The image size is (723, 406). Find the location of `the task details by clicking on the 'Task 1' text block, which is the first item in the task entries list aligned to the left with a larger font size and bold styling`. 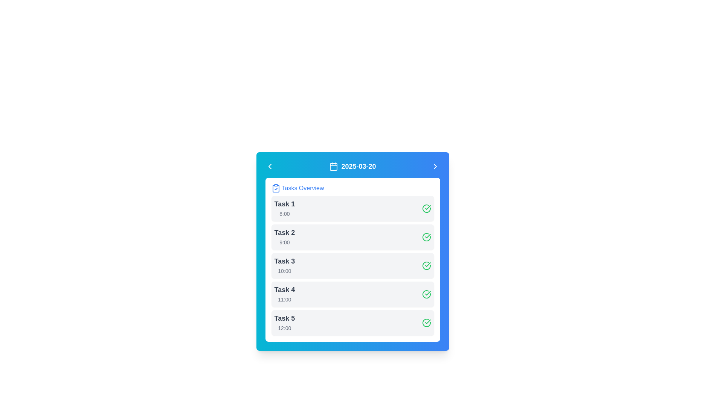

the task details by clicking on the 'Task 1' text block, which is the first item in the task entries list aligned to the left with a larger font size and bold styling is located at coordinates (284, 209).